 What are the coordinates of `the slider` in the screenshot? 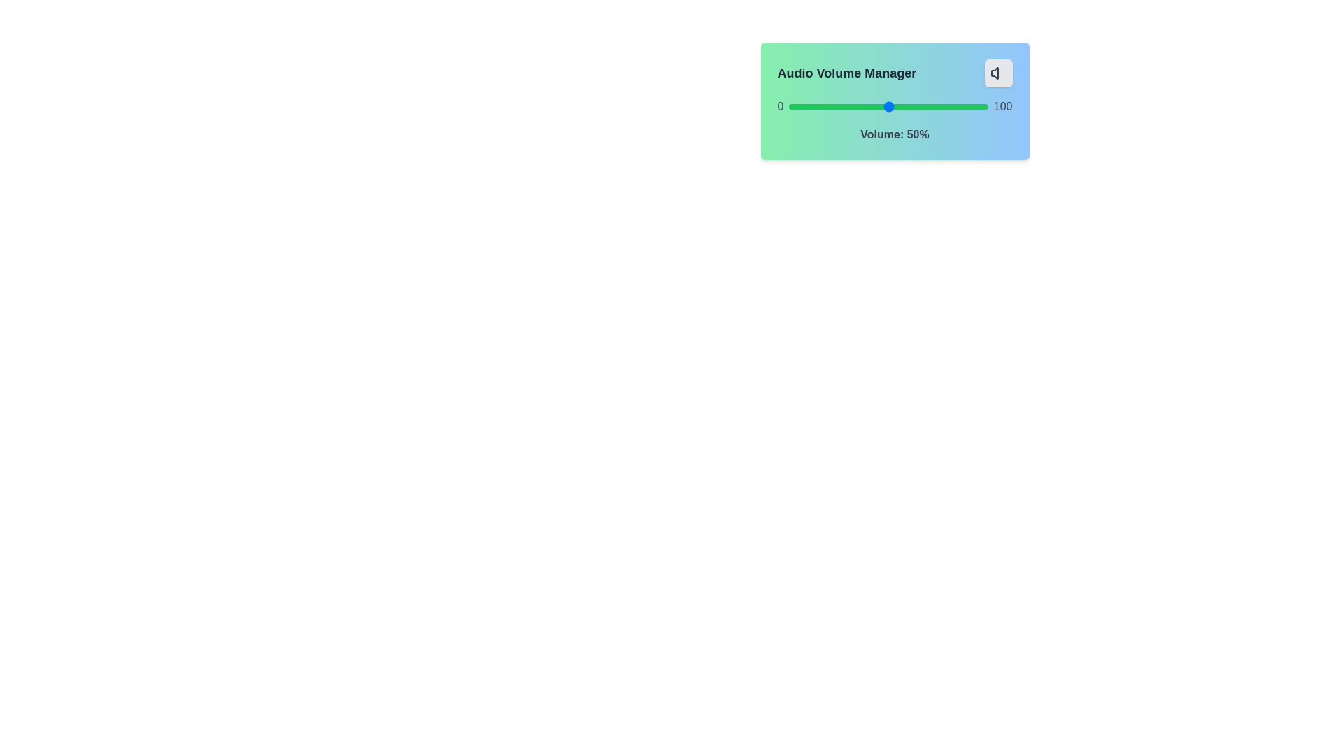 It's located at (840, 106).